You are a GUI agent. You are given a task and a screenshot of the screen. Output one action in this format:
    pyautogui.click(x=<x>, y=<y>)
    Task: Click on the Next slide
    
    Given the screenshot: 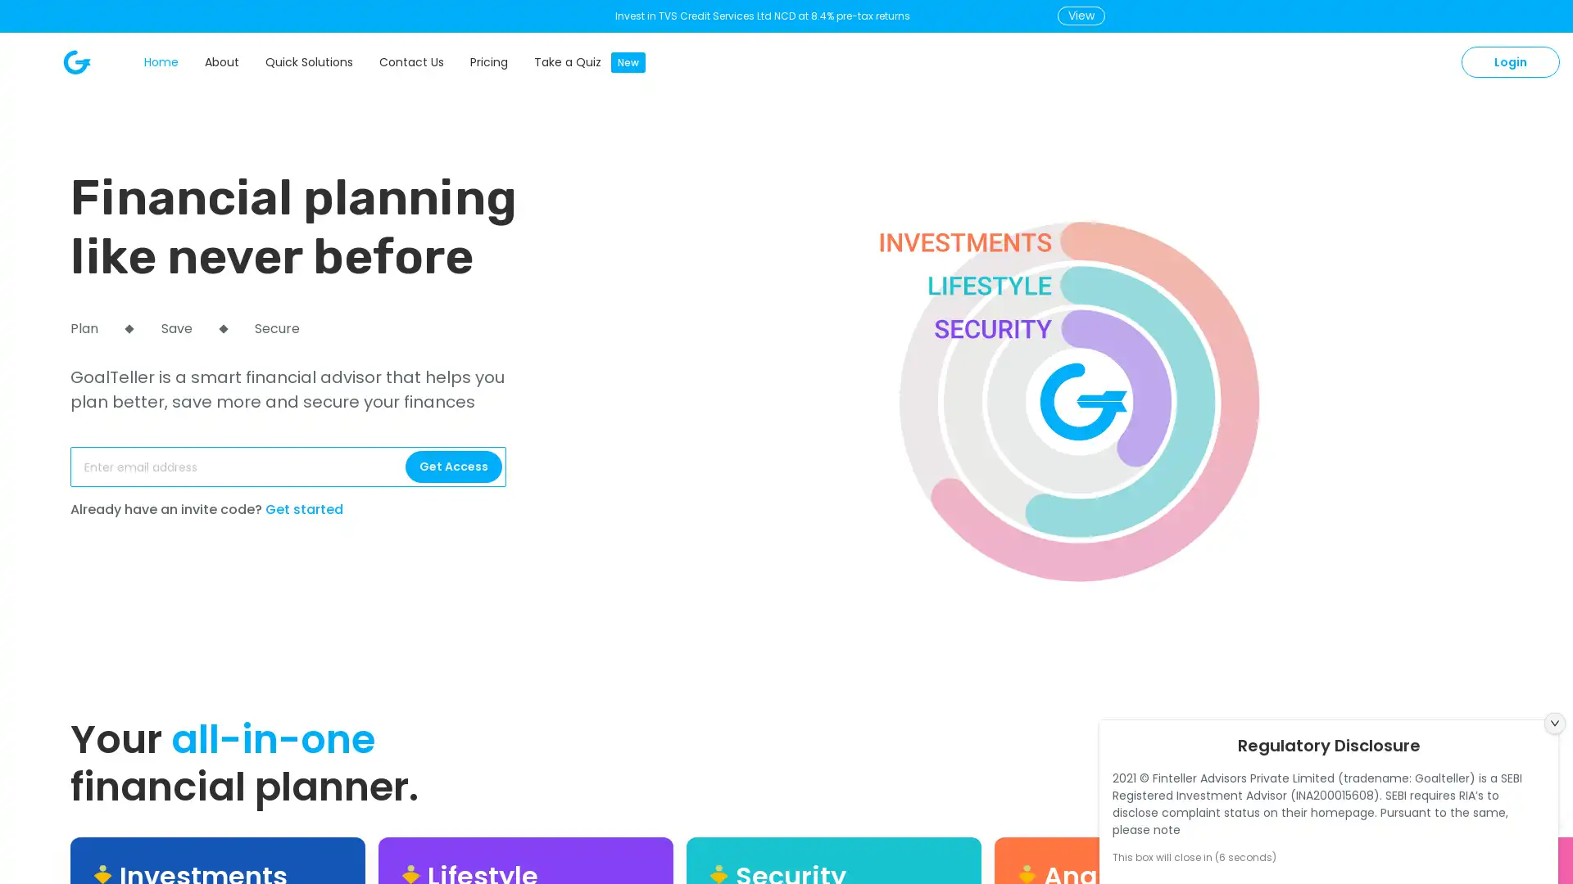 What is the action you would take?
    pyautogui.click(x=1553, y=814)
    